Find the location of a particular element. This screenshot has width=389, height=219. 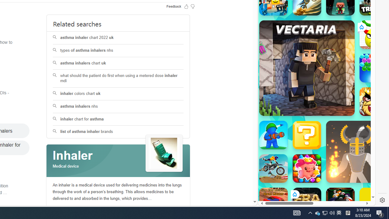

'Ragdoll Hit Ragdoll Hit' is located at coordinates (357, 151).